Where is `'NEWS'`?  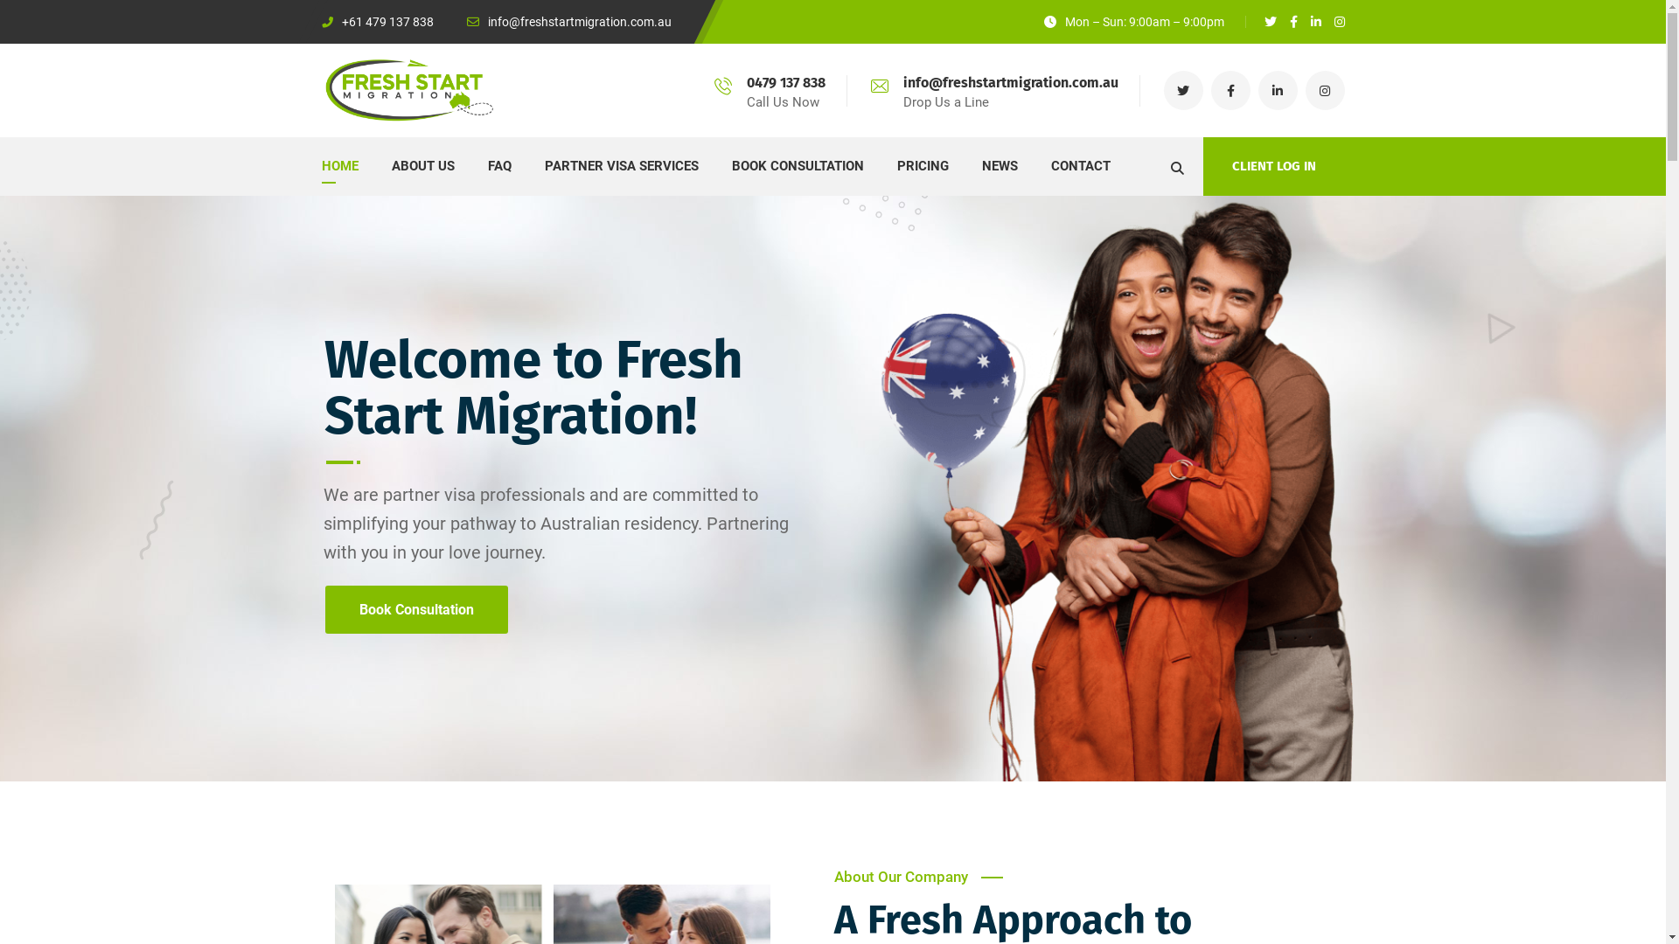
'NEWS' is located at coordinates (999, 166).